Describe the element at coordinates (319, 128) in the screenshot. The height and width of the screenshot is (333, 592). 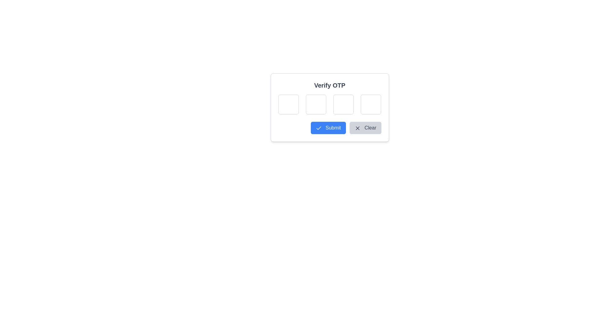
I see `the 'Submit' button which contains a check mark icon with a blue background and white stroke, positioned to the left of the text 'Submit'` at that location.